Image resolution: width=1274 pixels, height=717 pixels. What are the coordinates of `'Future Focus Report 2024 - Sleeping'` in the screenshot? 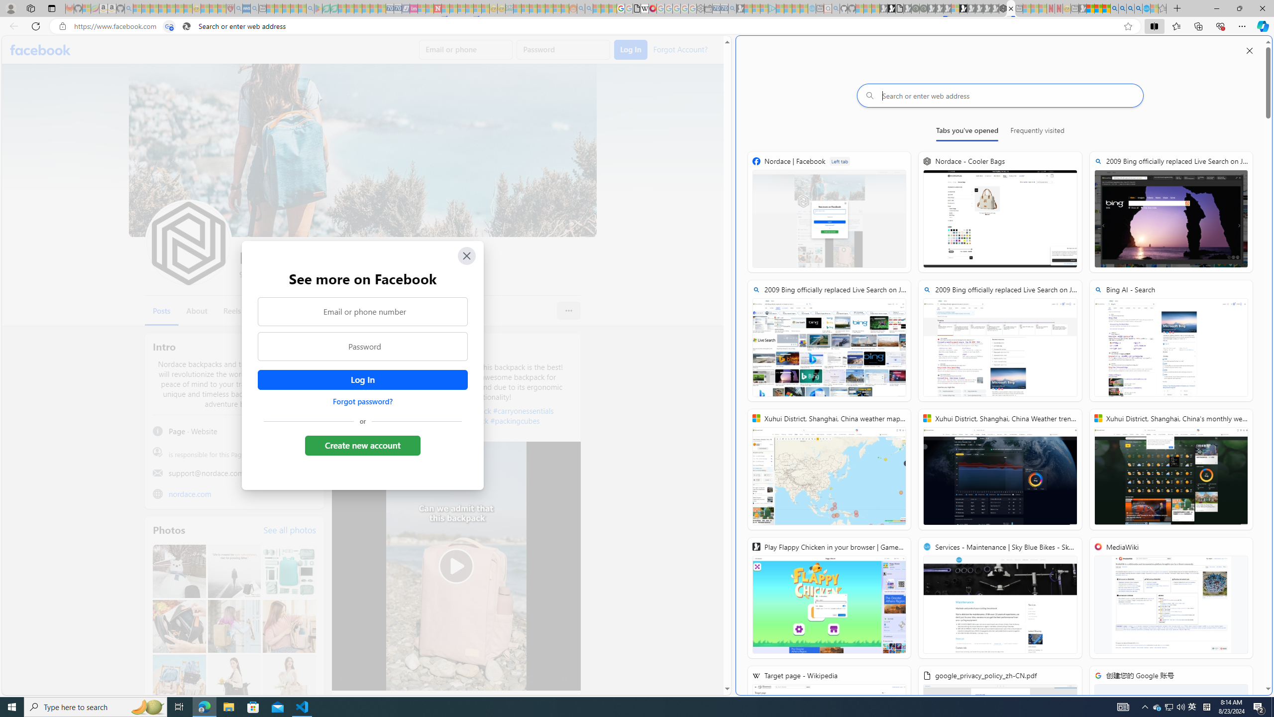 It's located at (923, 8).